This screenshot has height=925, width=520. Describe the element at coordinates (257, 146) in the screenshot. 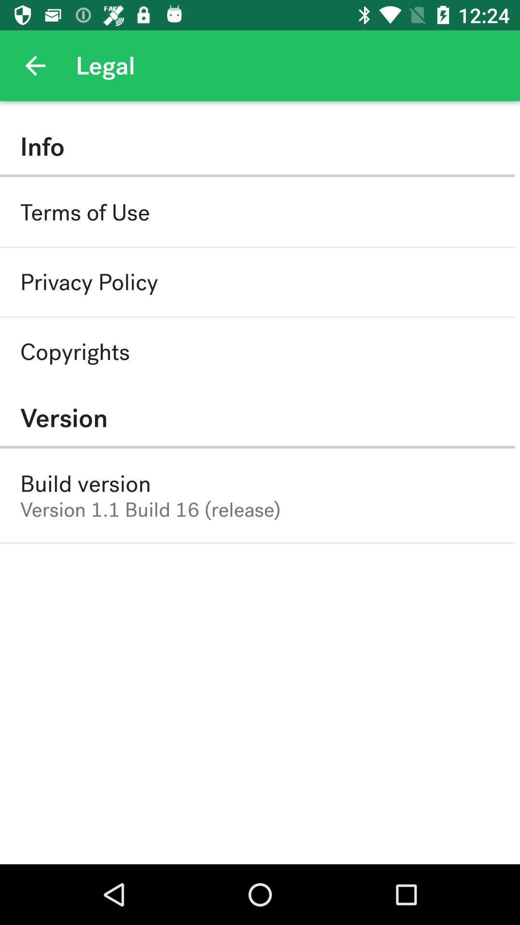

I see `the info` at that location.